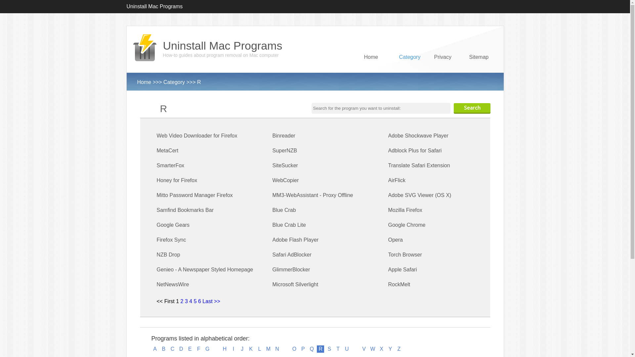  Describe the element at coordinates (224, 349) in the screenshot. I see `'H'` at that location.